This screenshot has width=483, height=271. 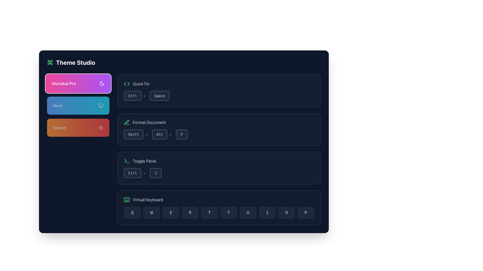 I want to click on the button labeled 'W', which is a rectangular button with rounded corners in the virtual keyboard layout, to input the letter 'W', so click(x=151, y=213).